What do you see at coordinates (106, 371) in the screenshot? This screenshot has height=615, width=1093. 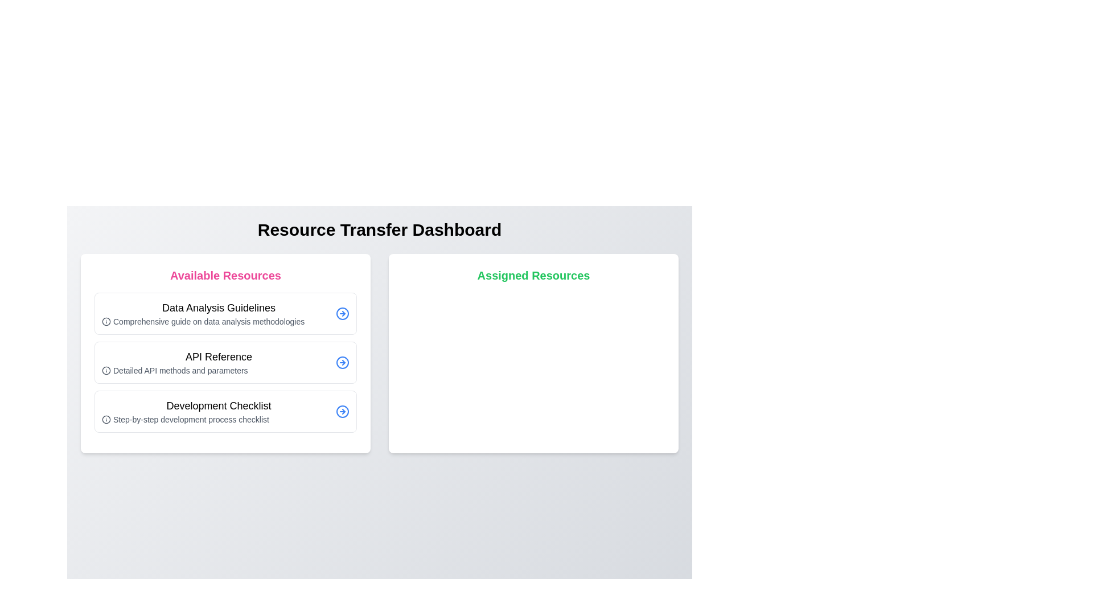 I see `the circular icon with a hollow center that precedes the text 'Detailed API methods and parameters' in the resource item list` at bounding box center [106, 371].